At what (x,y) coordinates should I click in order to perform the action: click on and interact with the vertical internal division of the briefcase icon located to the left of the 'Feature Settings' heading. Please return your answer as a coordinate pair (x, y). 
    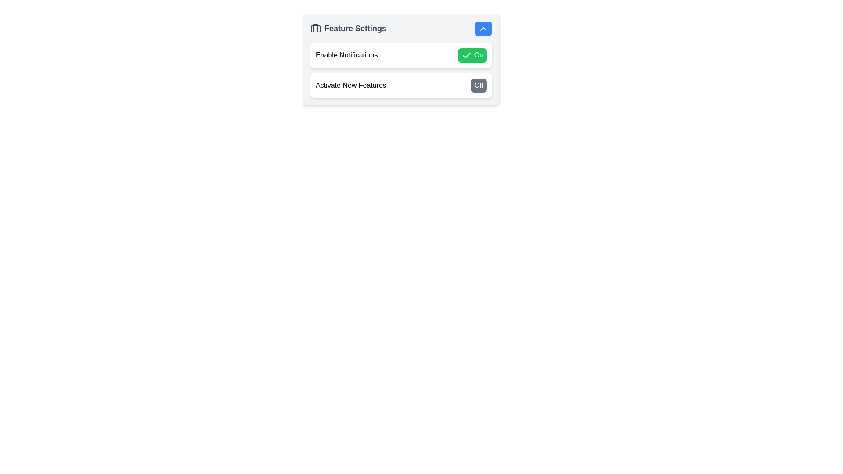
    Looking at the image, I should click on (316, 28).